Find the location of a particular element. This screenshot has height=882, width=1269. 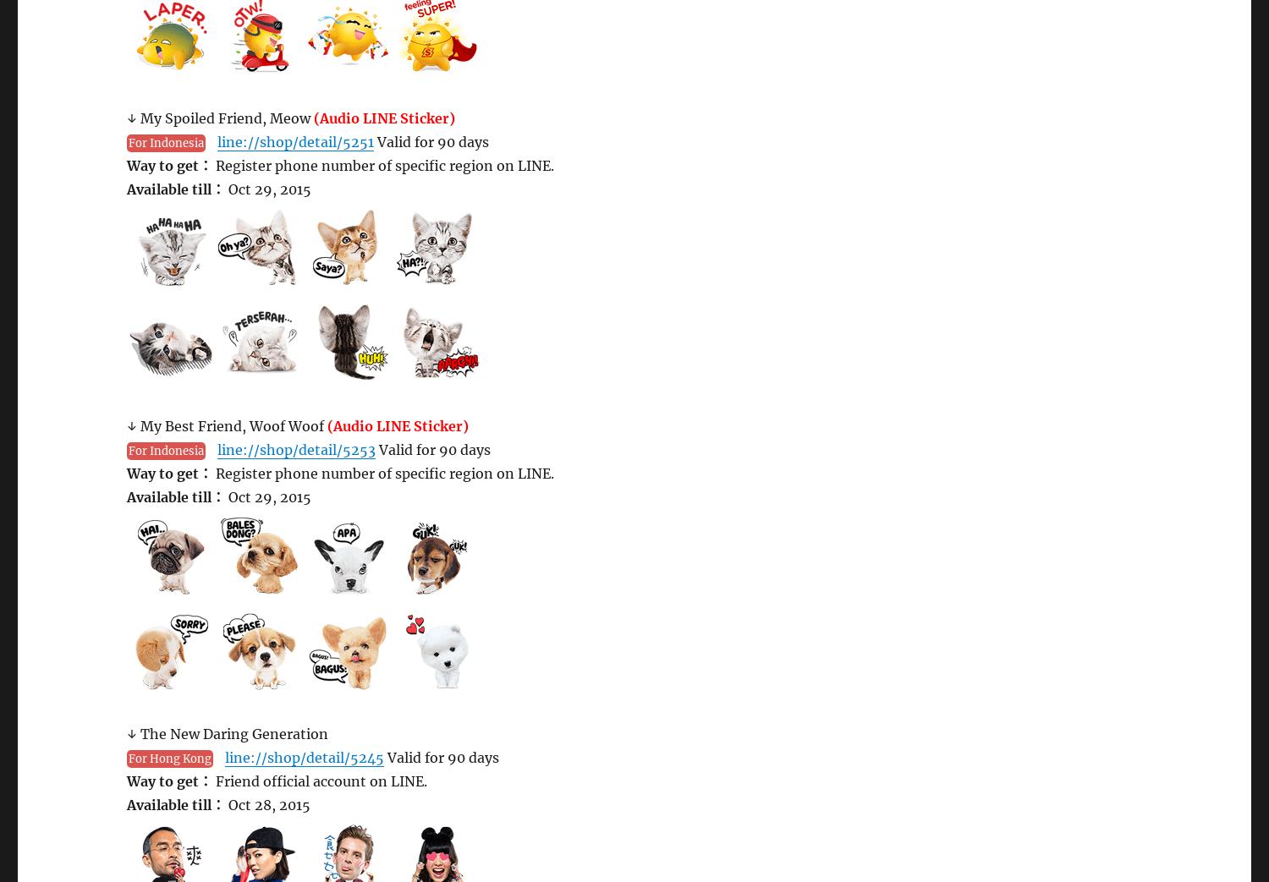

'↓ My Best Friend, Woof Woof' is located at coordinates (227, 425).